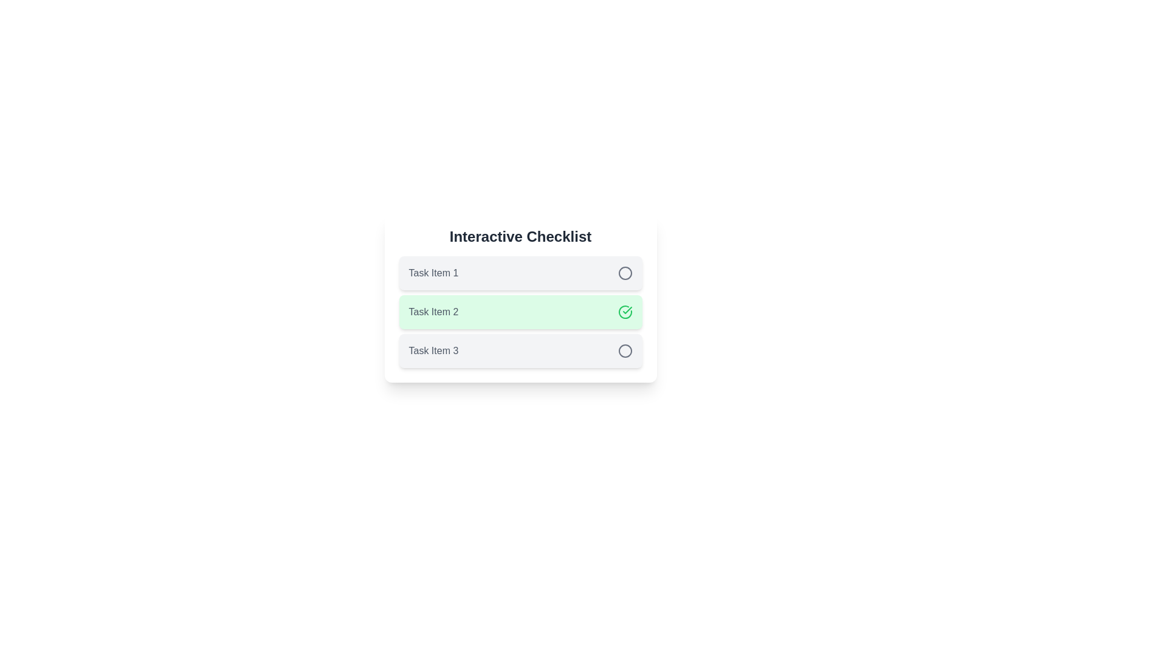  What do you see at coordinates (625, 311) in the screenshot?
I see `the interactive element associated with task item Task Item 2 to view its content` at bounding box center [625, 311].